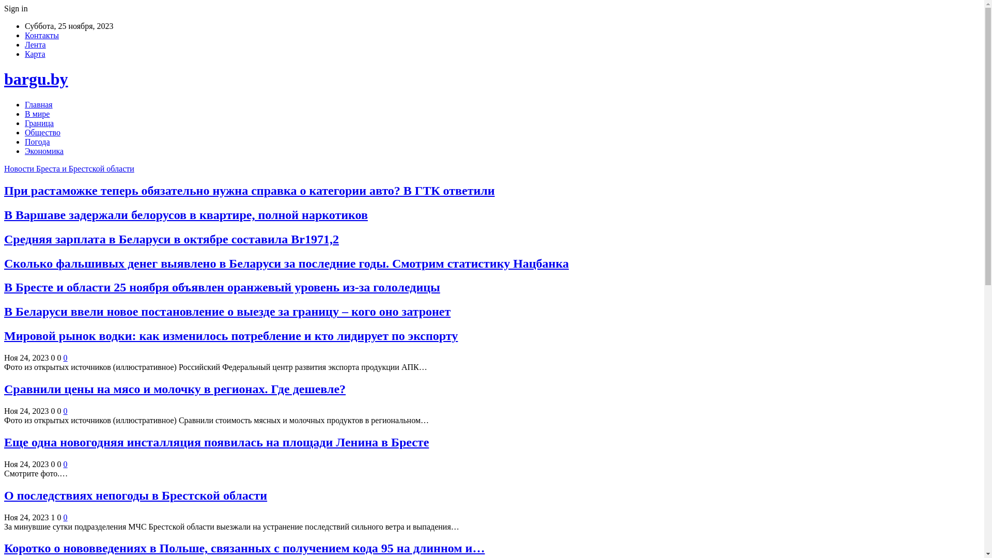  Describe the element at coordinates (16, 8) in the screenshot. I see `'Sign in'` at that location.